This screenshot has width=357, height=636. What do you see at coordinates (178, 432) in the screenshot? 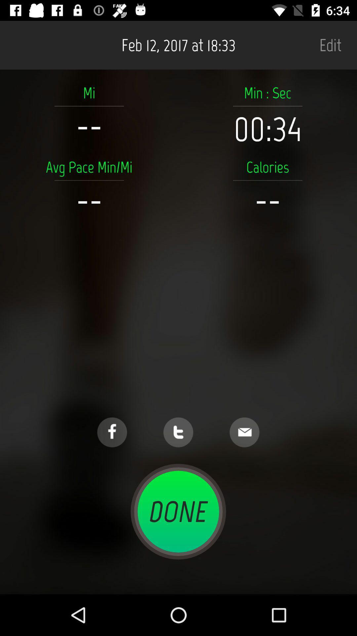
I see `the twitter icon` at bounding box center [178, 432].